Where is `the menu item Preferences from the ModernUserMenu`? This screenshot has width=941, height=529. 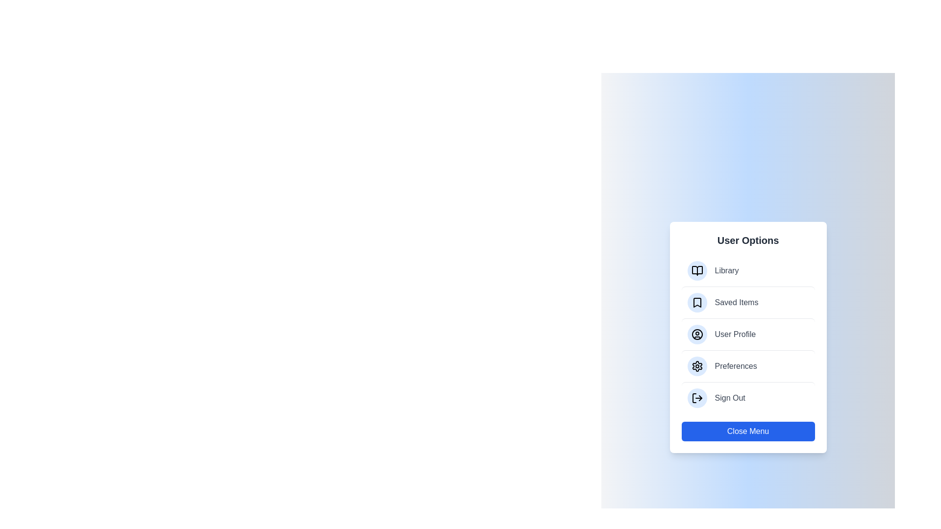
the menu item Preferences from the ModernUserMenu is located at coordinates (747, 366).